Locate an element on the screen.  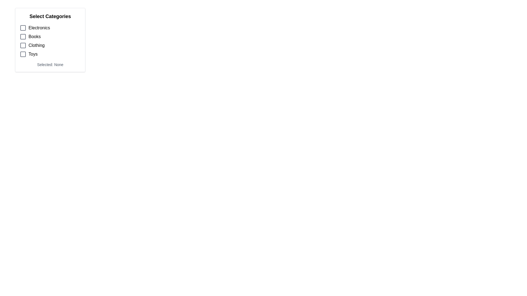
the checkbox for the 'Clothing' option is located at coordinates (23, 45).